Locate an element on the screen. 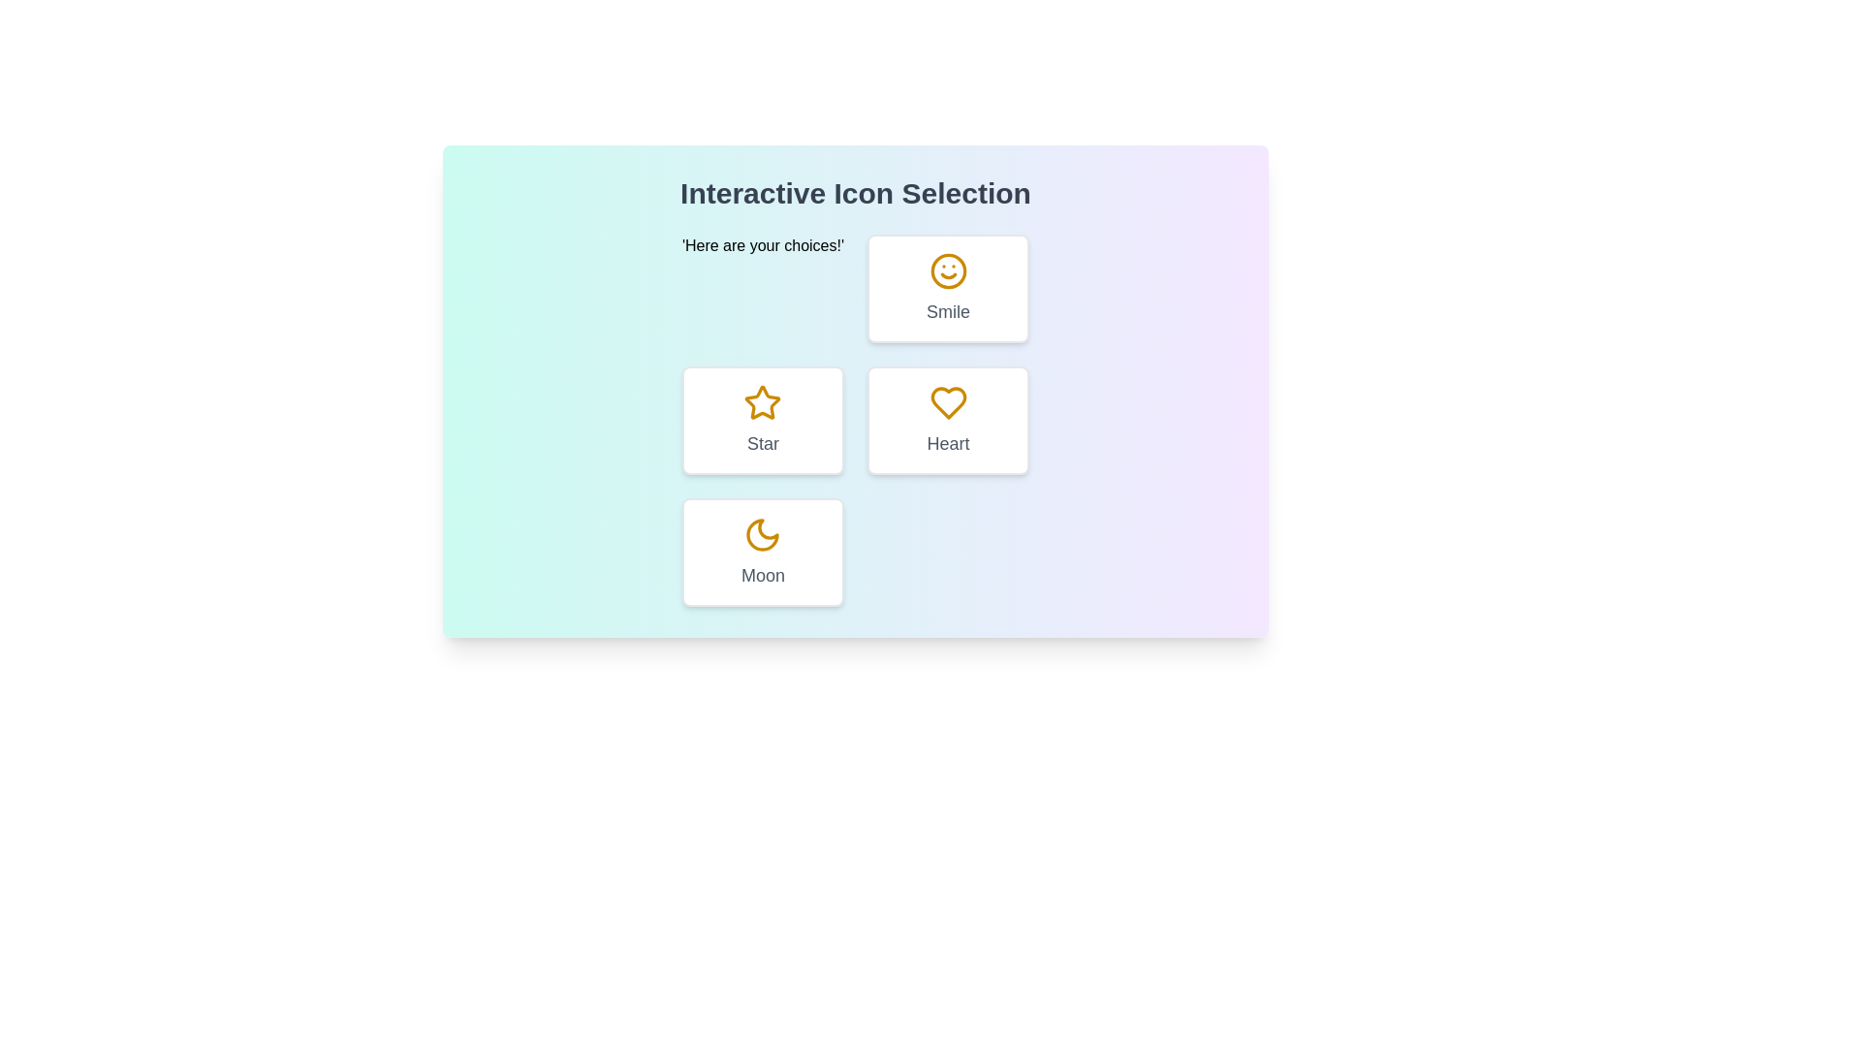 This screenshot has width=1861, height=1047. the crescent moon icon located at the bottom left of the 2x2 grid of buttons under the heading 'Interactive Icon Selection' is located at coordinates (762, 534).